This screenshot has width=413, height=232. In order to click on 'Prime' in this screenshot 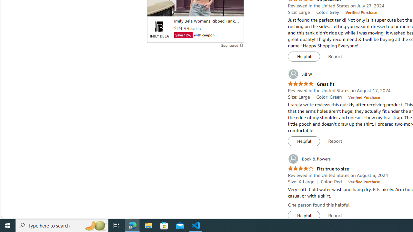, I will do `click(195, 28)`.